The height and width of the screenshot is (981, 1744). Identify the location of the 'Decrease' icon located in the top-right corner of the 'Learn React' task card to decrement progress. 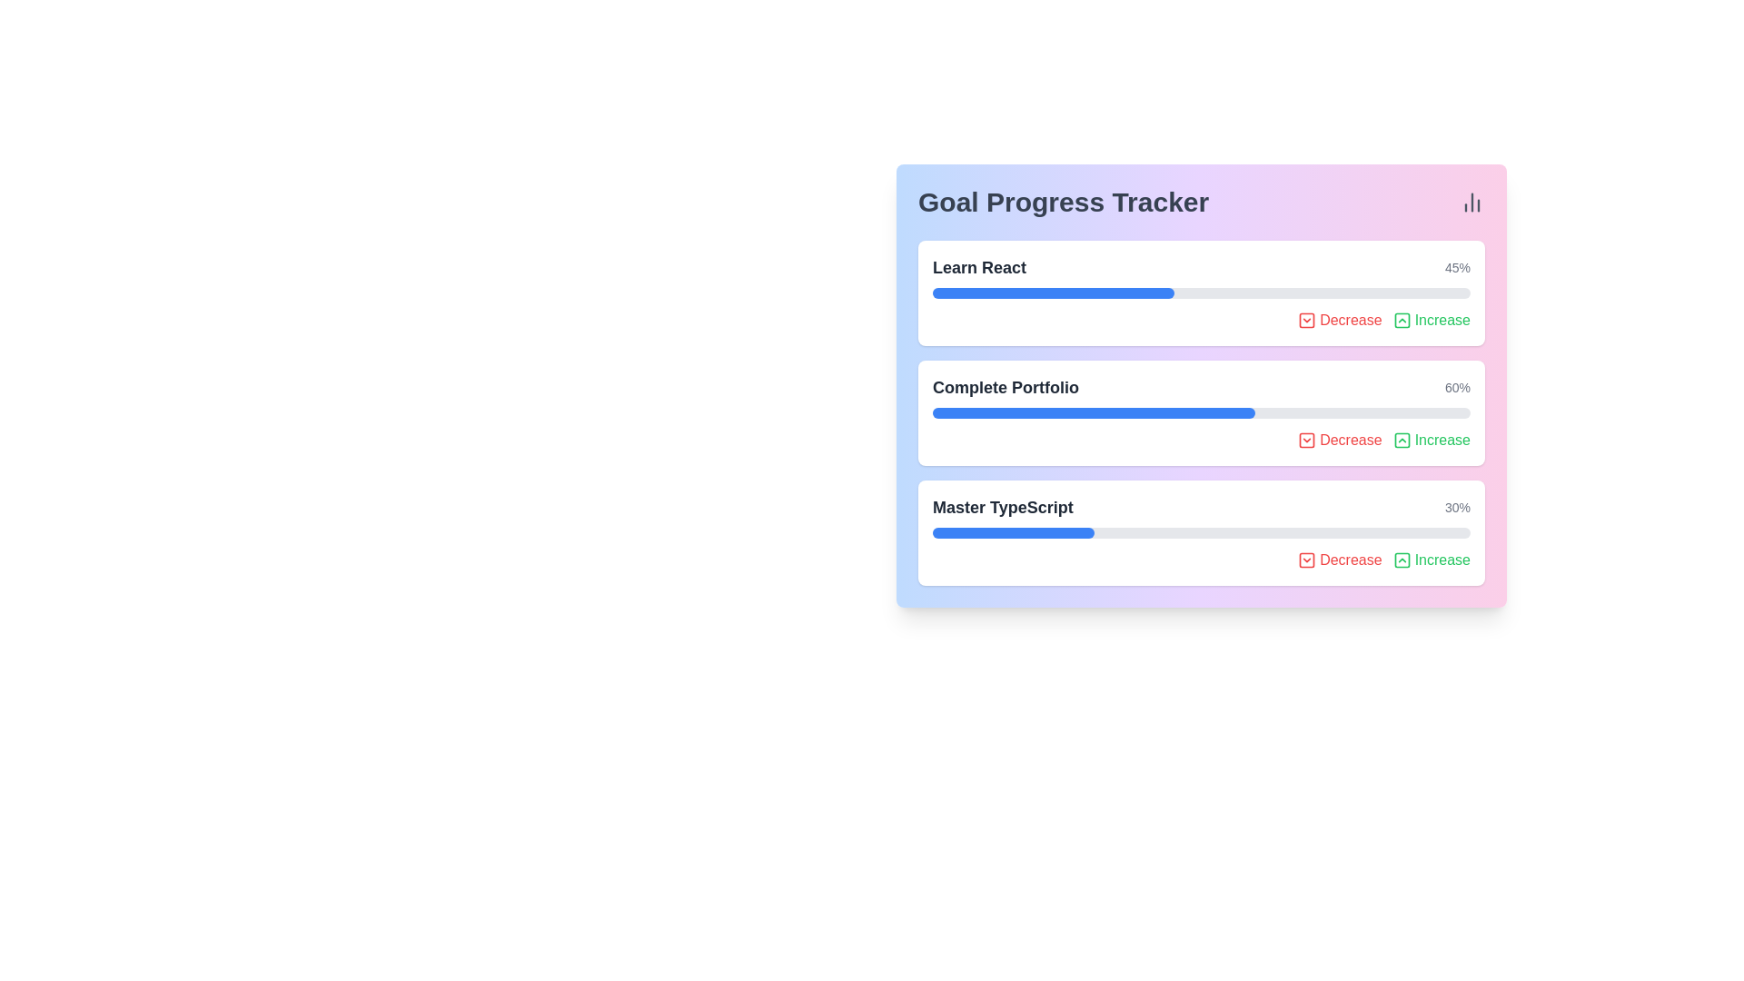
(1306, 320).